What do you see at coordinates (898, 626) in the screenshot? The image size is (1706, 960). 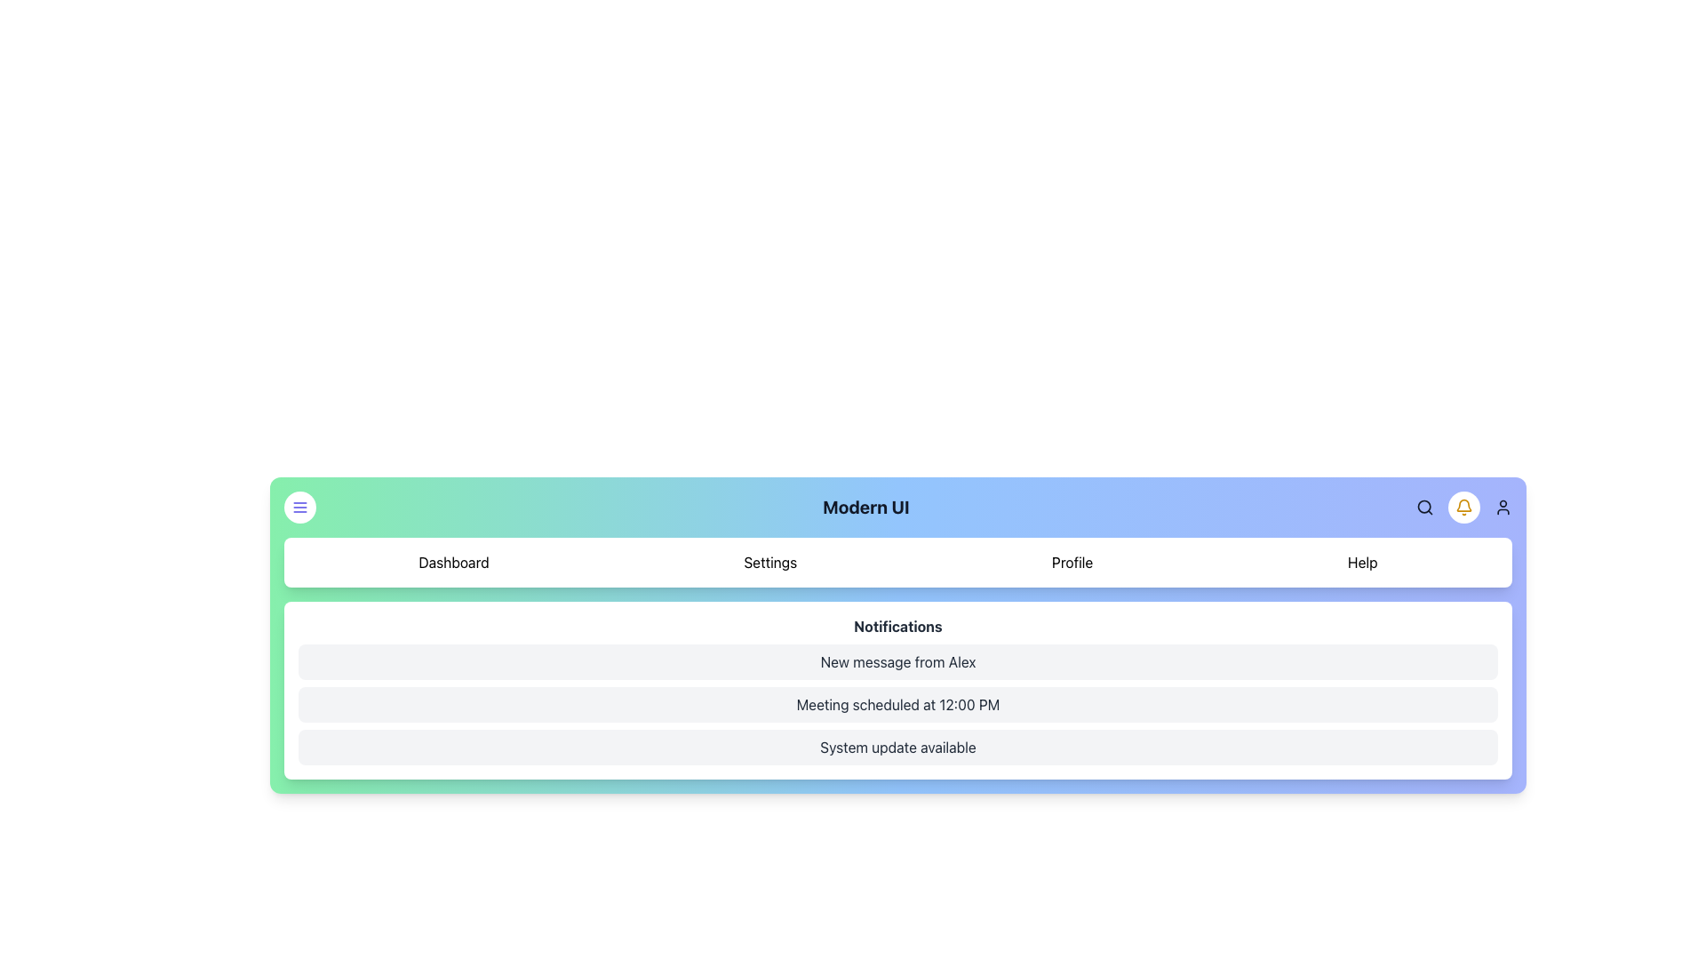 I see `the 'Notifications' text label, which is bold and located at the top of a white box containing a list of items, positioned beneath the header navigation bar` at bounding box center [898, 626].